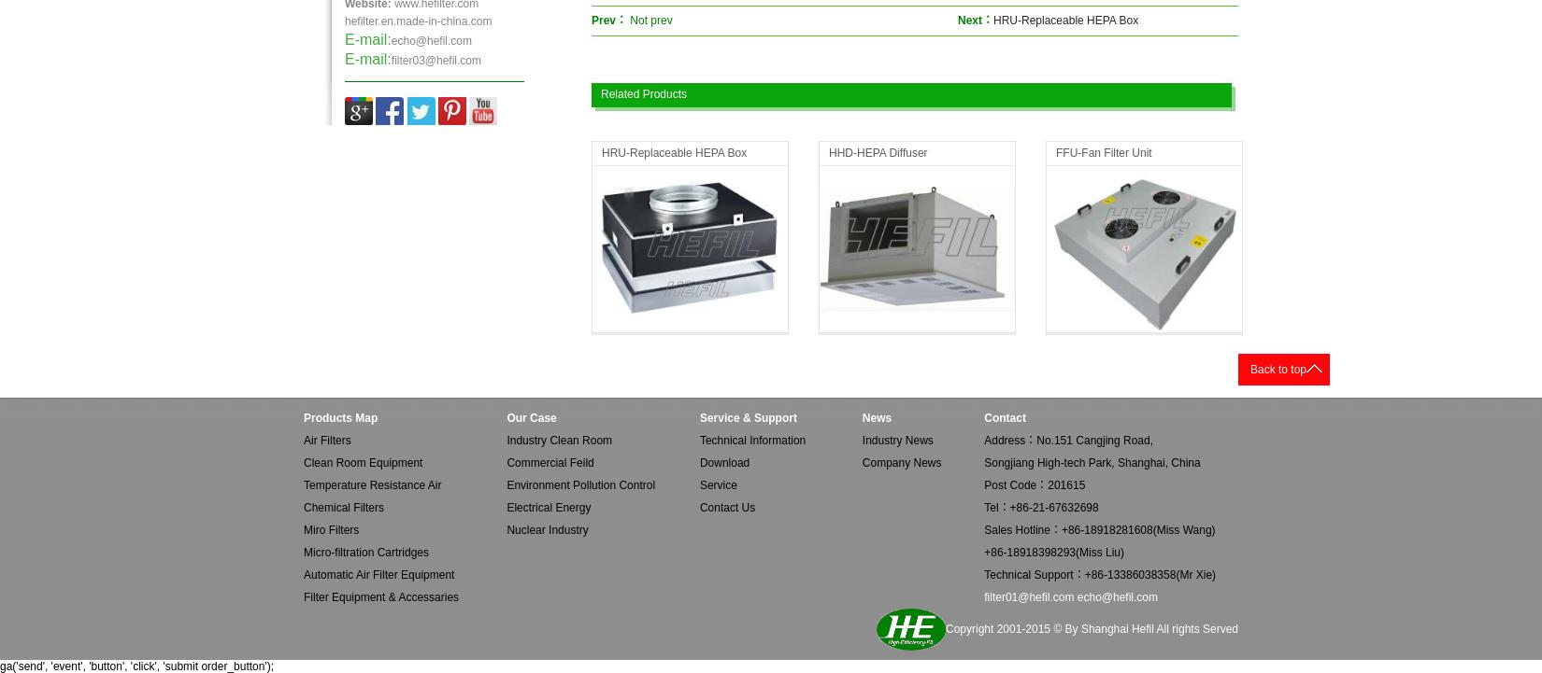  What do you see at coordinates (1004, 418) in the screenshot?
I see `'Contact'` at bounding box center [1004, 418].